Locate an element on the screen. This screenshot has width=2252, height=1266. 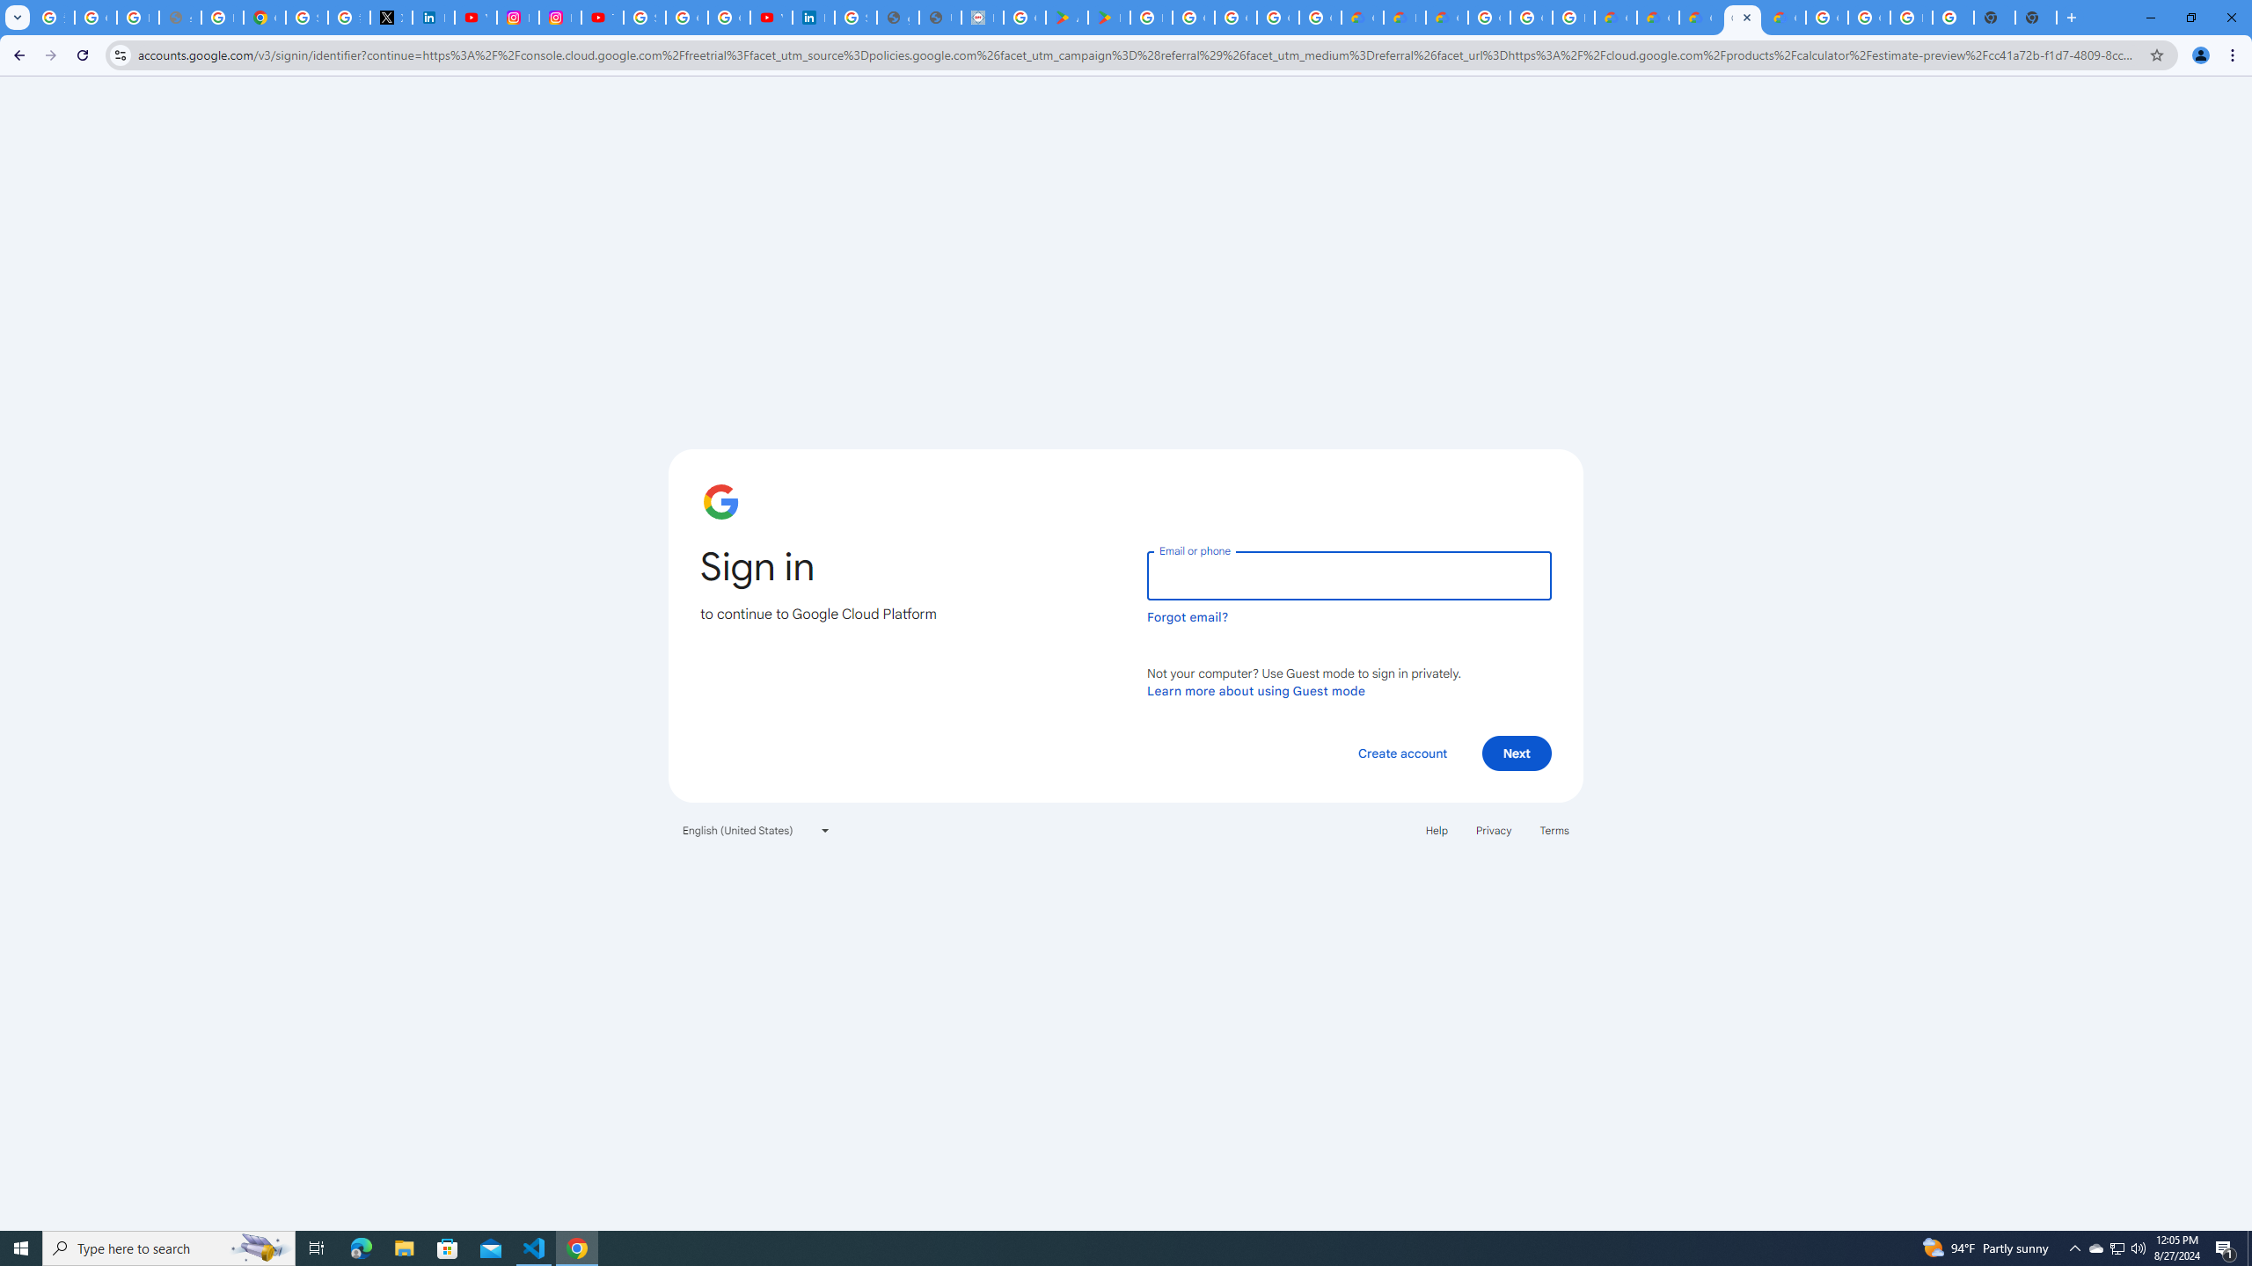
'Google Workspace - Specific Terms' is located at coordinates (1276, 17).